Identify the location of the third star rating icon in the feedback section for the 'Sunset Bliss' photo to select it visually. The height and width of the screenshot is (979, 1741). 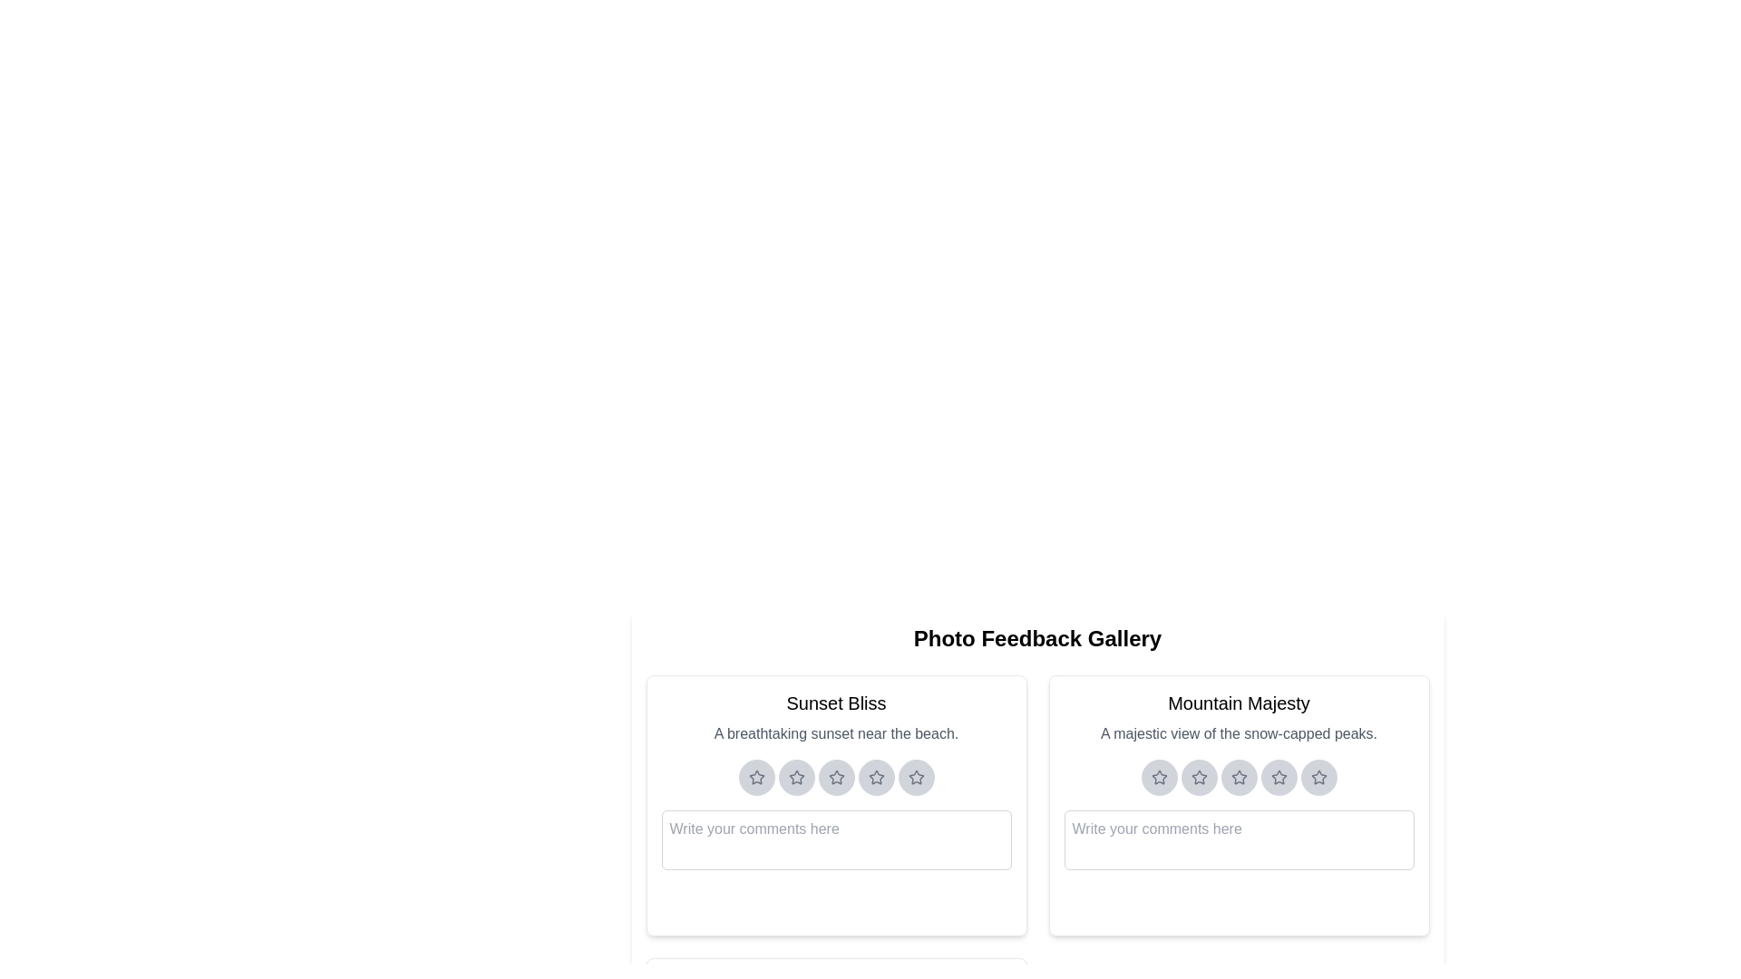
(835, 776).